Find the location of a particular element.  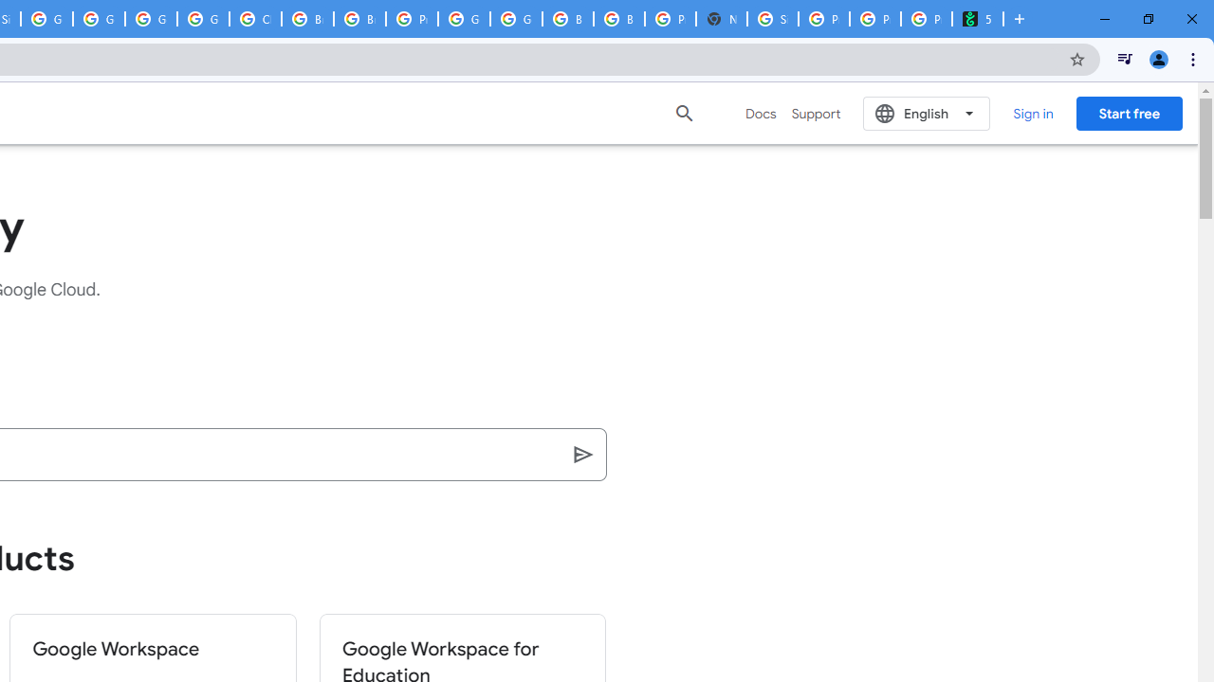

'Support' is located at coordinates (816, 113).